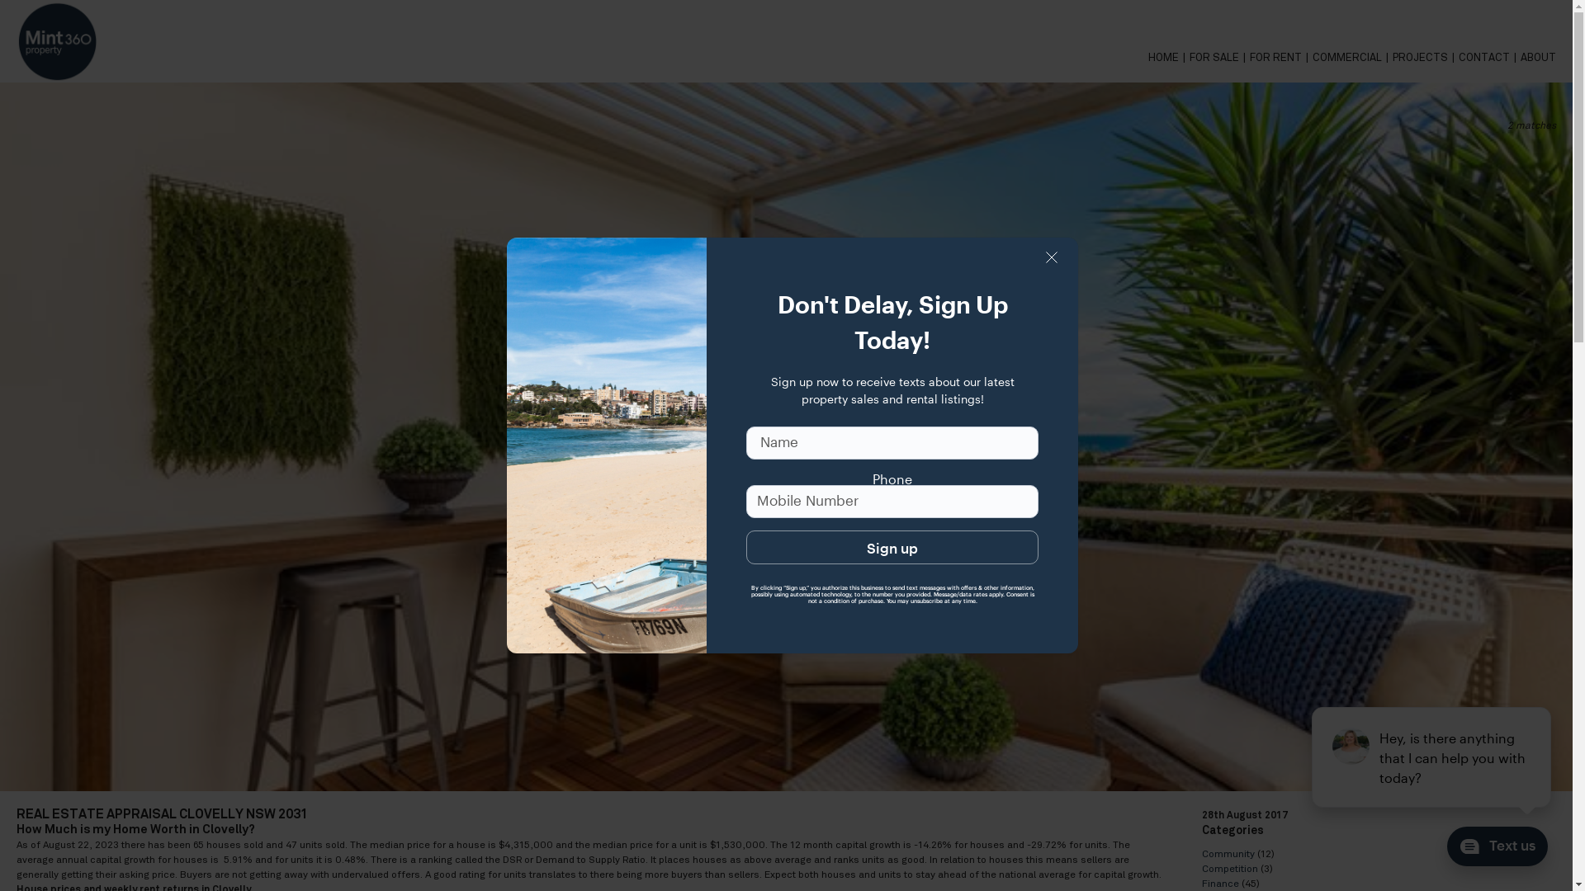  What do you see at coordinates (1431, 757) in the screenshot?
I see `'podium webchat widget prompt'` at bounding box center [1431, 757].